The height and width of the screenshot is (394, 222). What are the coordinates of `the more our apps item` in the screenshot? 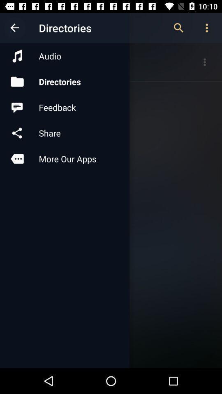 It's located at (64, 158).